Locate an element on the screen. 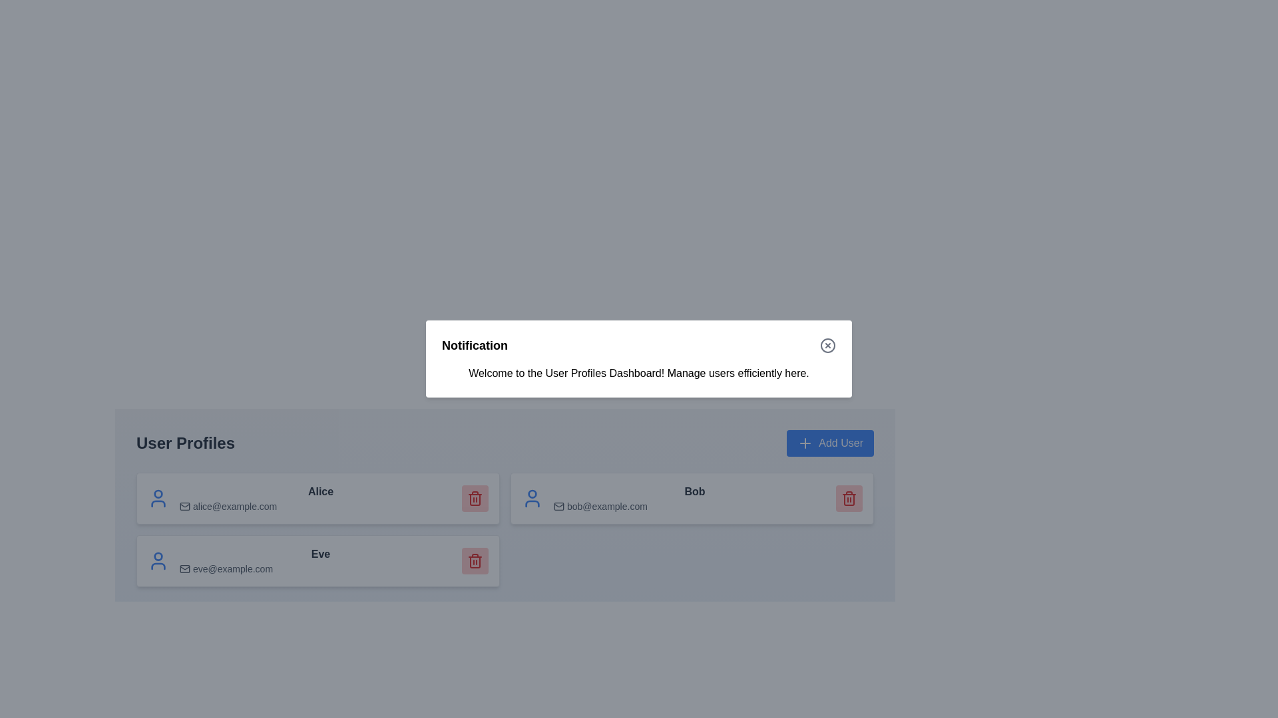  the delete icon located in the button on the right-hand side of the second row of user profile cards, which corresponds to the user profile of 'Eve' is located at coordinates (475, 561).